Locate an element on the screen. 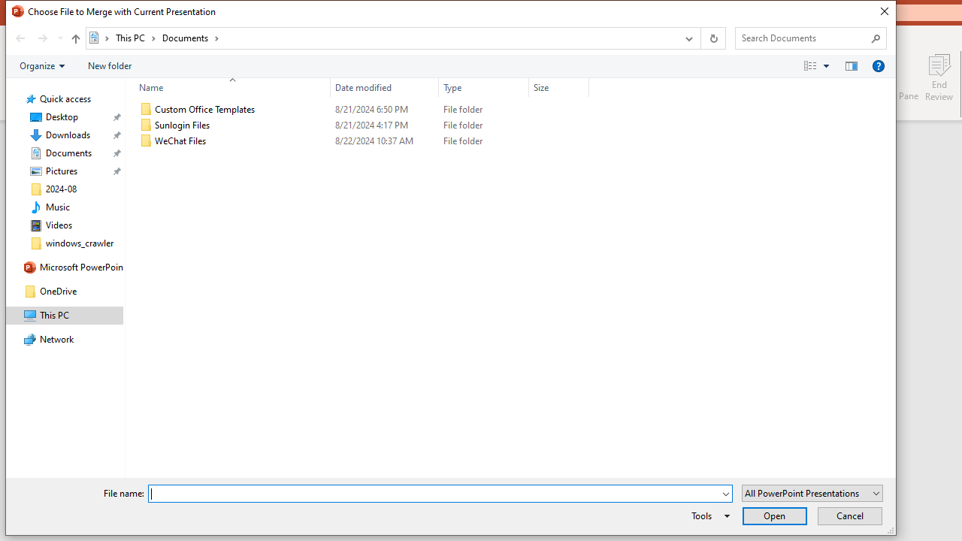  'Sunlogin Files' is located at coordinates (361, 125).